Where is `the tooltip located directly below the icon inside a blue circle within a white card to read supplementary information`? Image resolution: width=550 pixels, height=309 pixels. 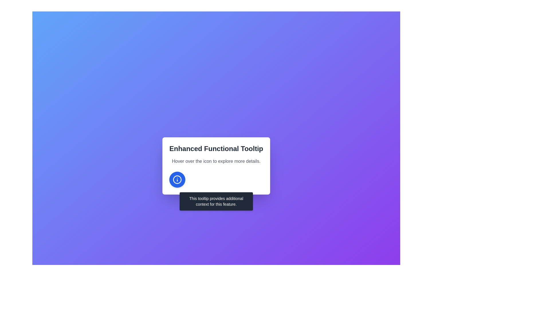
the tooltip located directly below the icon inside a blue circle within a white card to read supplementary information is located at coordinates (216, 201).